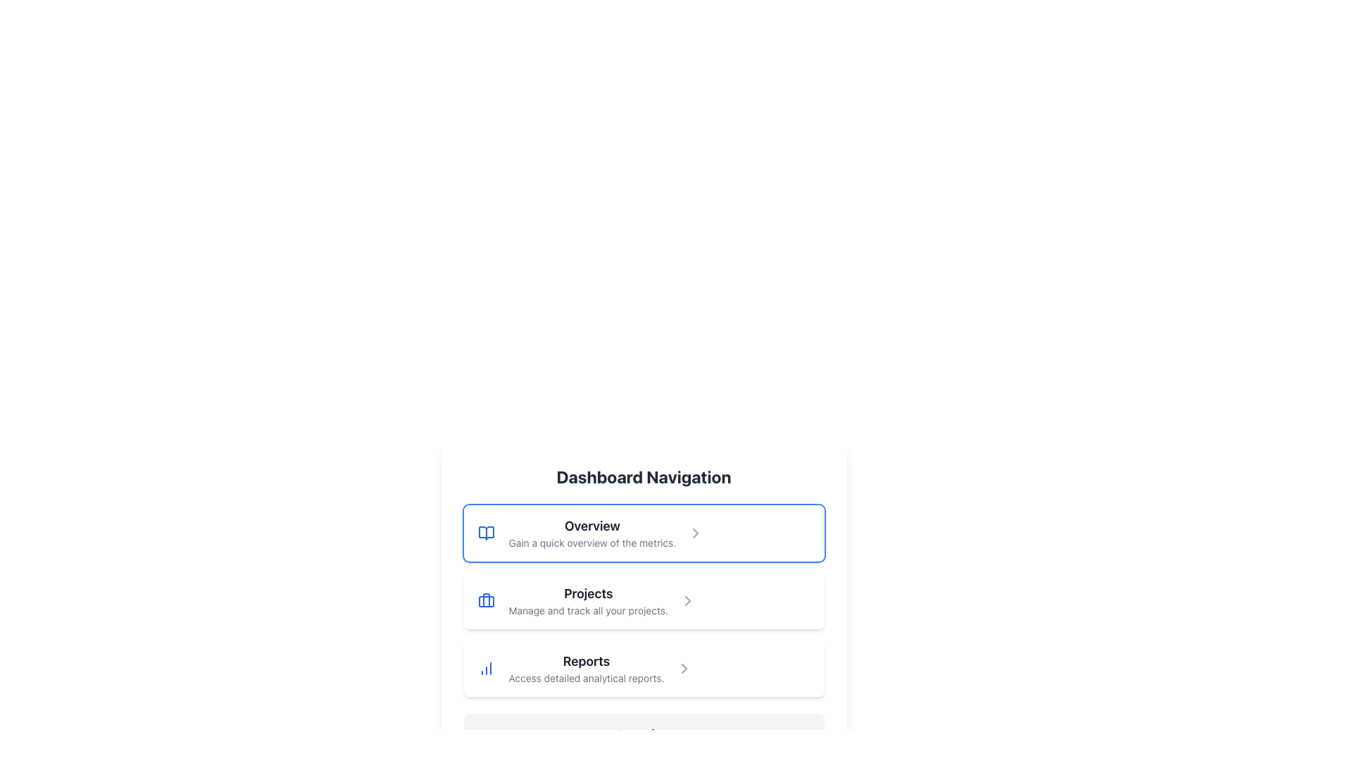  Describe the element at coordinates (486, 667) in the screenshot. I see `the 'Reports' icon in the navigation menu, which is located to the left of the text label 'Reports'` at that location.